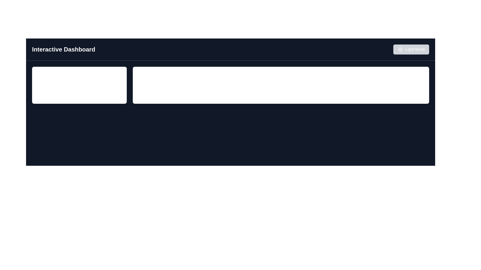 The height and width of the screenshot is (270, 481). Describe the element at coordinates (63, 49) in the screenshot. I see `the Text label that serves as the title or heading for the dashboard, located to the left of the 'Light Mode' button in the header section` at that location.